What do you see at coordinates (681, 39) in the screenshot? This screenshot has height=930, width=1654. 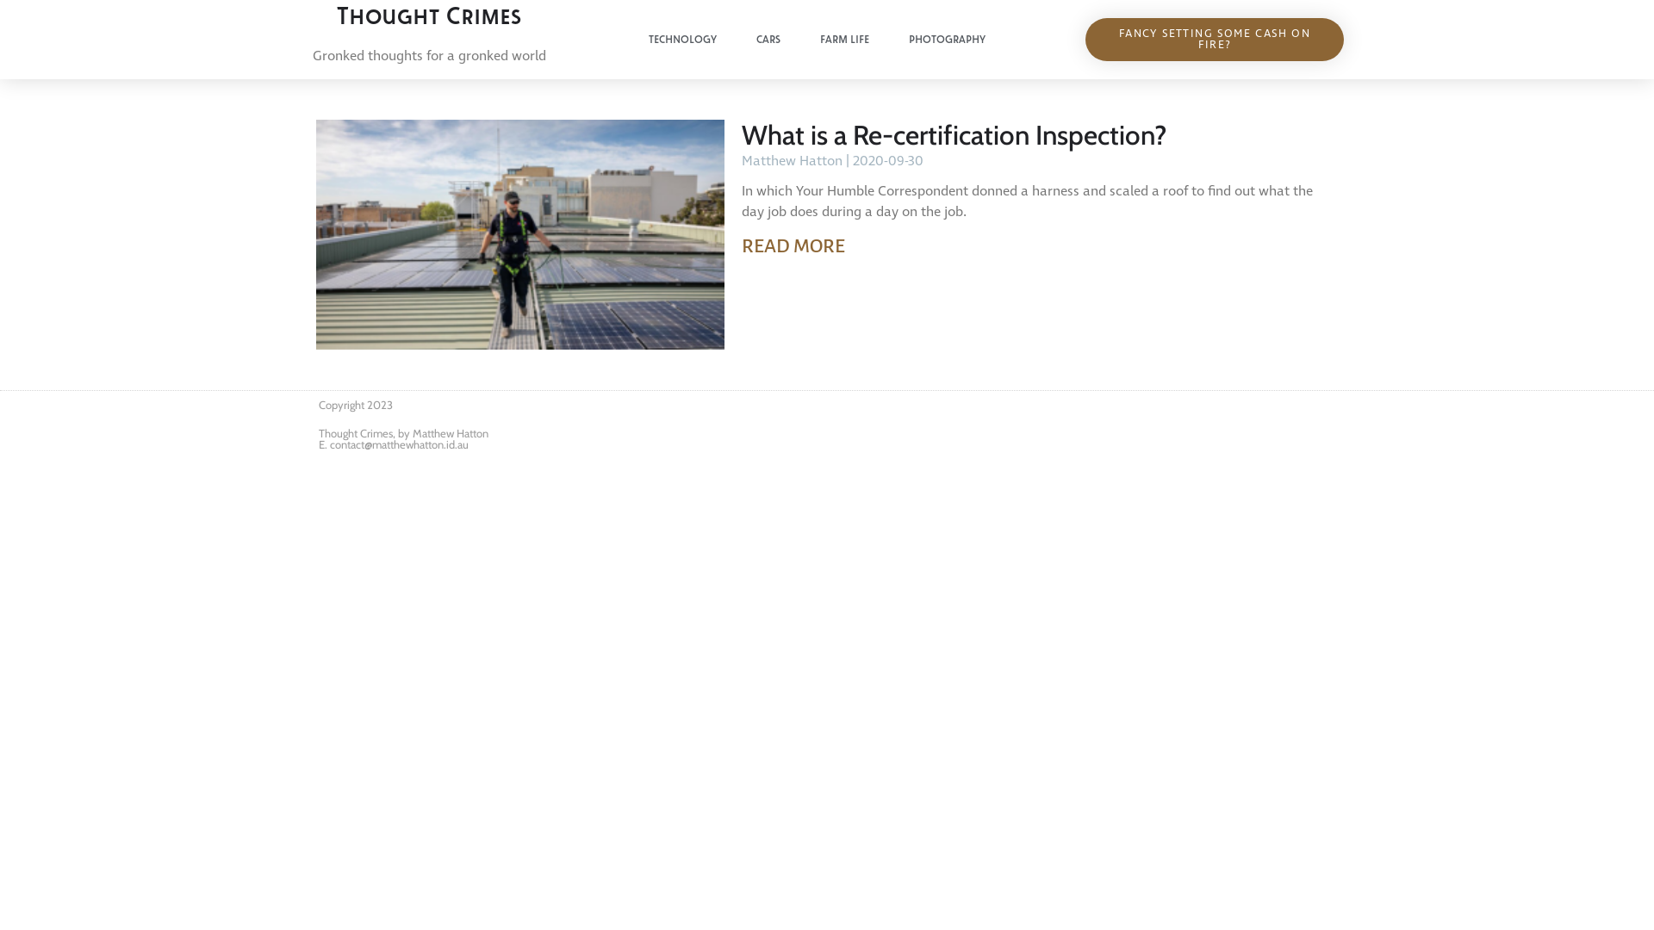 I see `'TECHNOLOGY'` at bounding box center [681, 39].